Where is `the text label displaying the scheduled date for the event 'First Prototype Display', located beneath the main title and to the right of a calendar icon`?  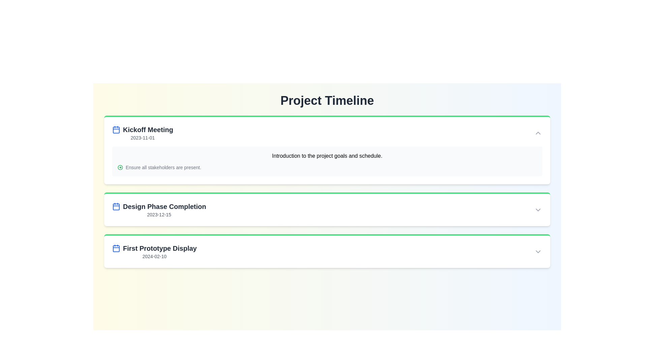
the text label displaying the scheduled date for the event 'First Prototype Display', located beneath the main title and to the right of a calendar icon is located at coordinates (154, 256).